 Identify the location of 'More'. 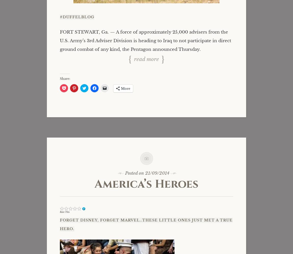
(126, 88).